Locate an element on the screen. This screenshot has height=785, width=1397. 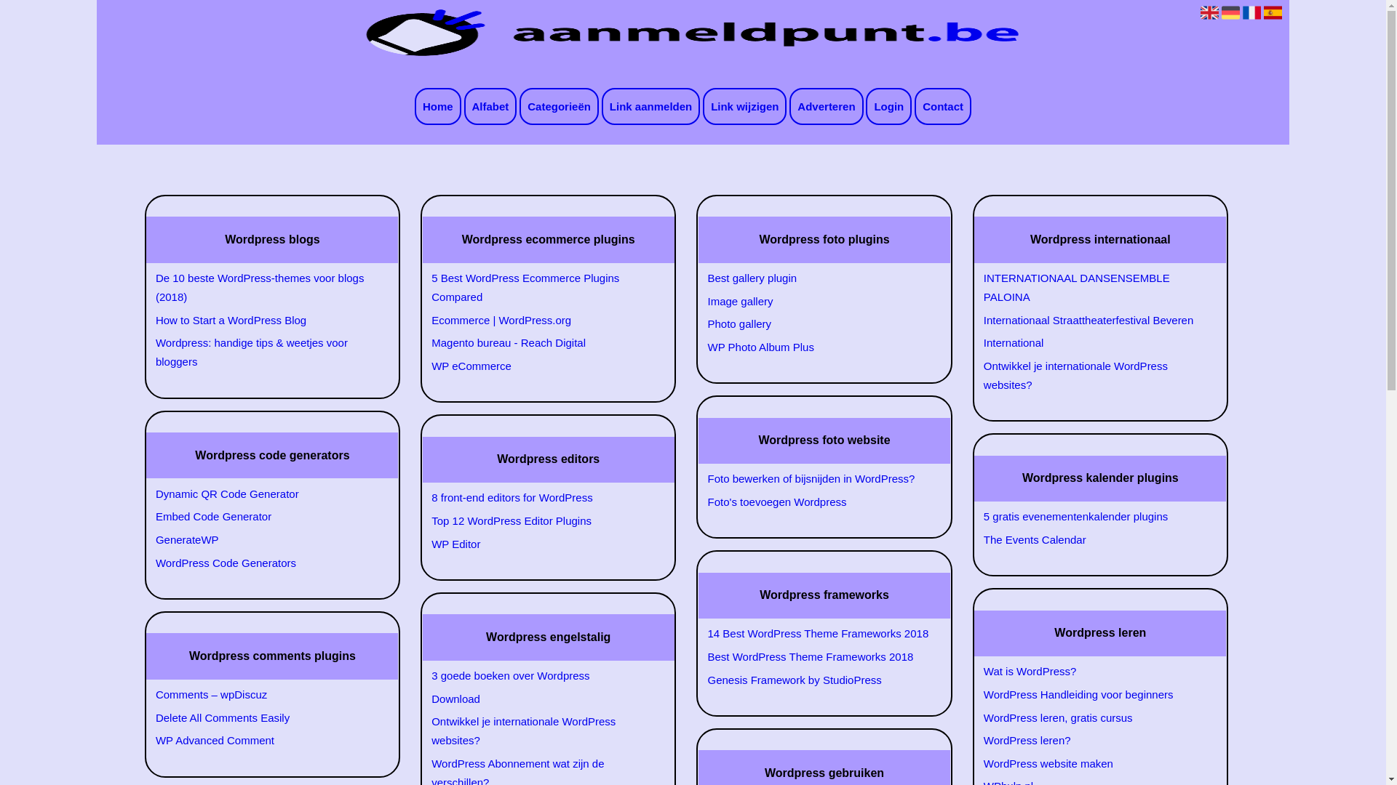
'Magento bureau - Reach Digital' is located at coordinates (539, 342).